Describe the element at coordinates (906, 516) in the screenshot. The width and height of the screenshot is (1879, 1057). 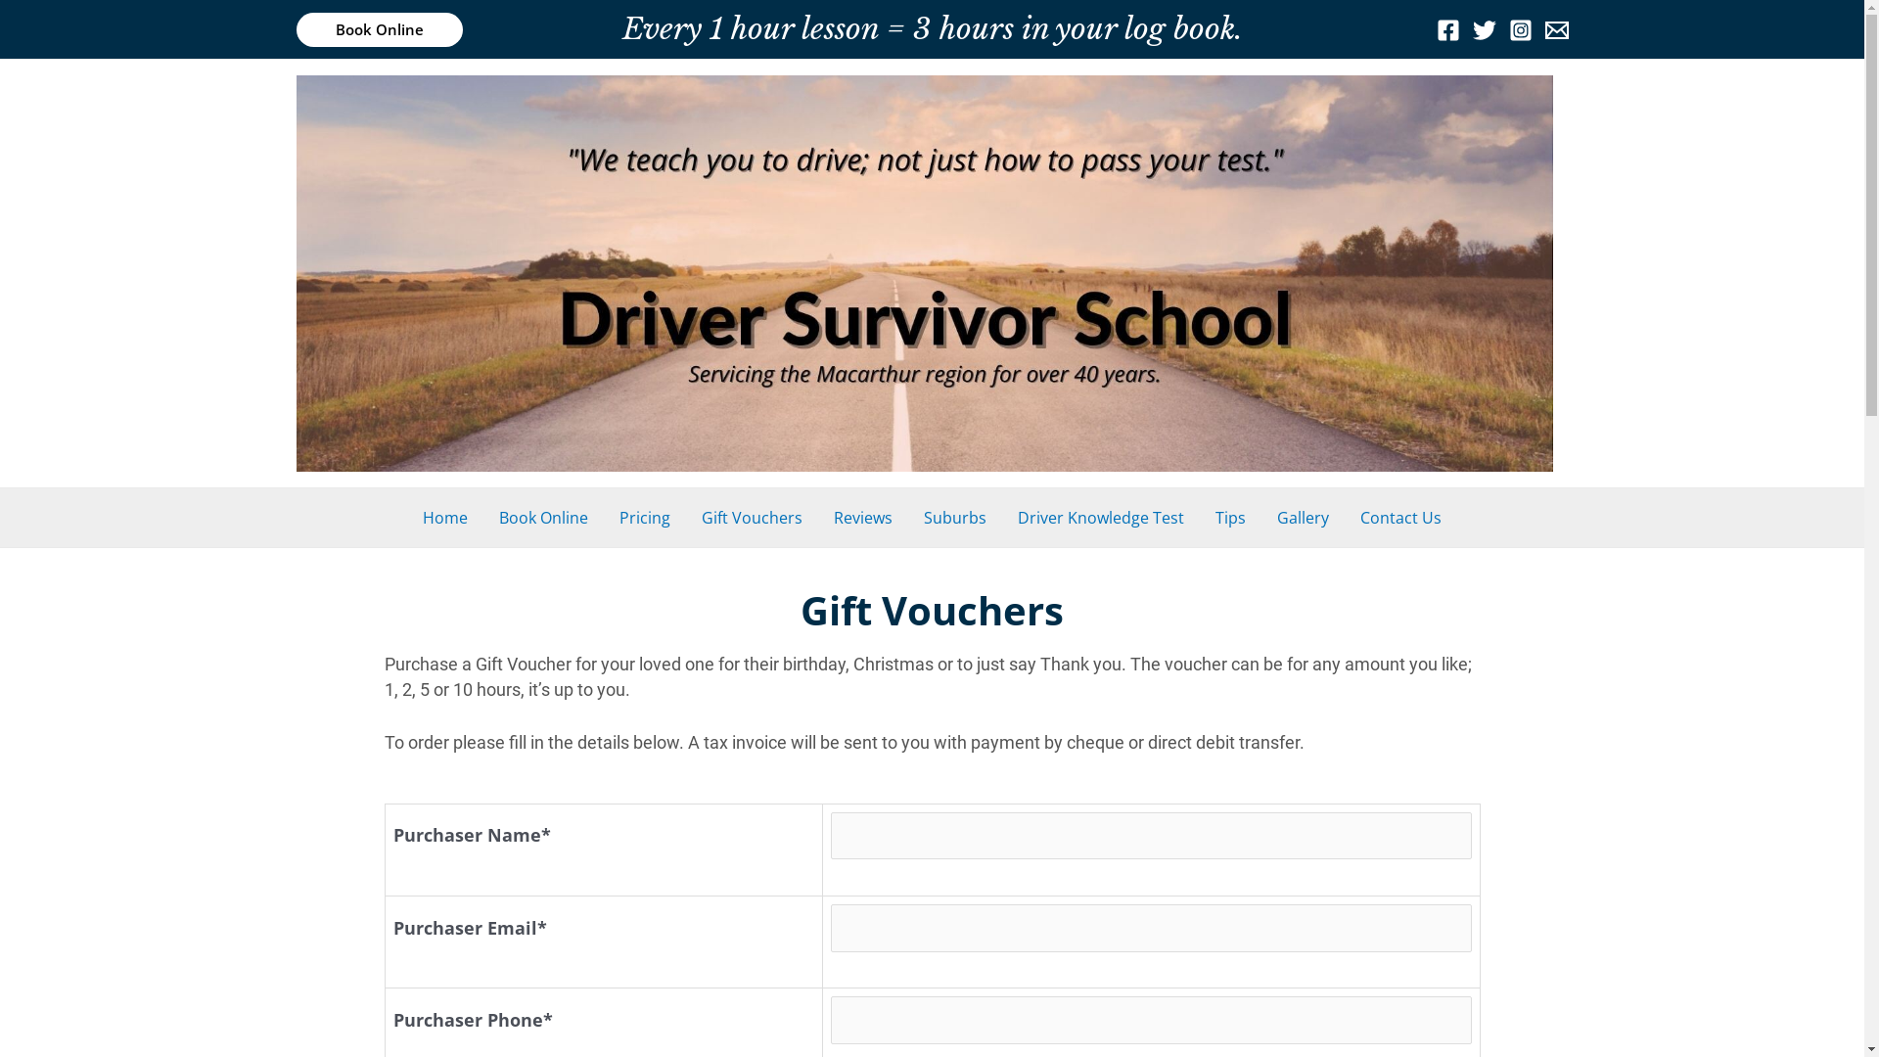
I see `'Suburbs'` at that location.